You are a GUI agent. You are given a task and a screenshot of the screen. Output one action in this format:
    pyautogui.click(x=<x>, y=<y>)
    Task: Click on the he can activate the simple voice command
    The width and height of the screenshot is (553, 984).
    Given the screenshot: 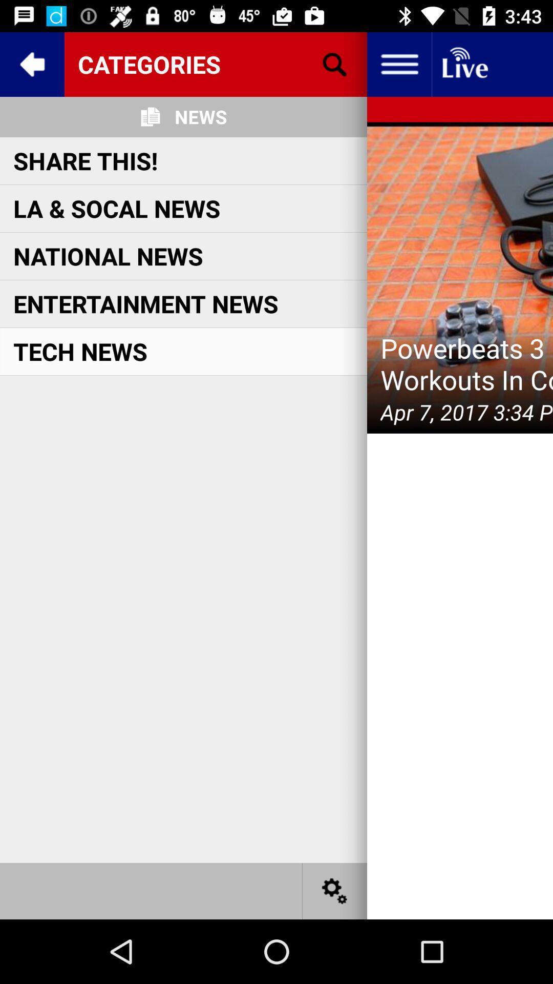 What is the action you would take?
    pyautogui.click(x=335, y=890)
    